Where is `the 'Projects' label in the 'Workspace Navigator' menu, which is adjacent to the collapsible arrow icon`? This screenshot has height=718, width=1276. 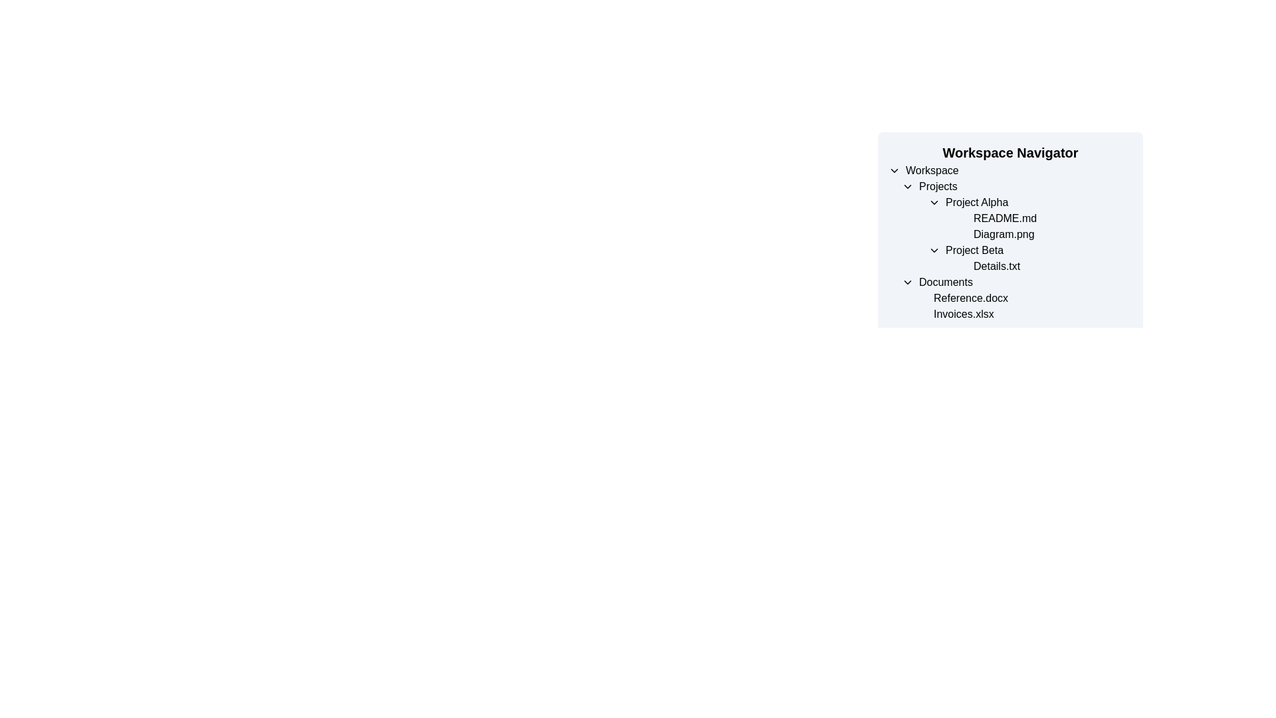
the 'Projects' label in the 'Workspace Navigator' menu, which is adjacent to the collapsible arrow icon is located at coordinates (937, 187).